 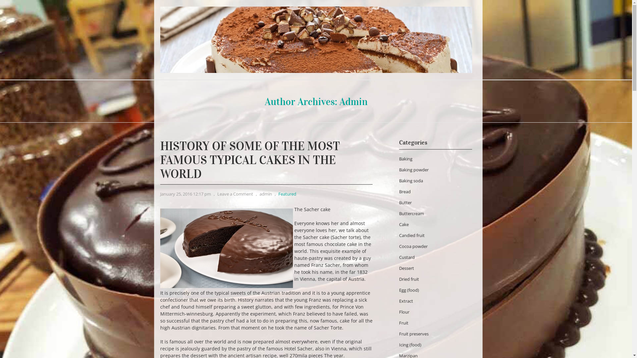 I want to click on 'January 25, 2016 12:17 pm', so click(x=185, y=194).